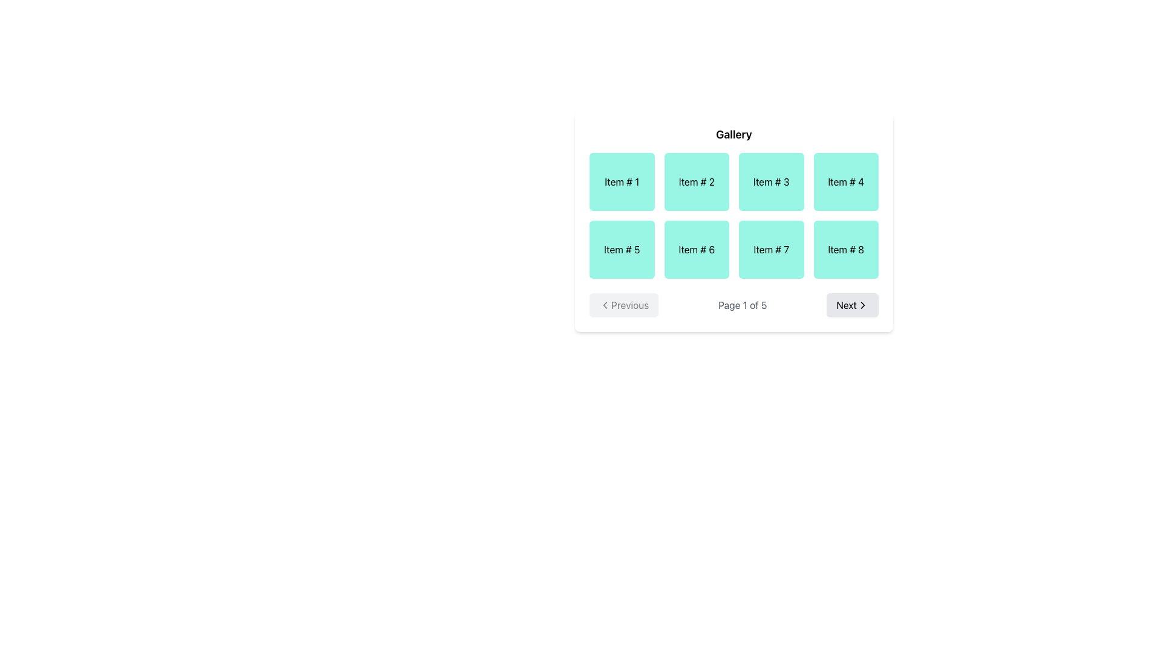 The height and width of the screenshot is (653, 1161). Describe the element at coordinates (697, 181) in the screenshot. I see `the static display component labeled 'Item # 2', which is a rectangular box with a light teal background and centered black text, positioned in a 4-column grid layout` at that location.